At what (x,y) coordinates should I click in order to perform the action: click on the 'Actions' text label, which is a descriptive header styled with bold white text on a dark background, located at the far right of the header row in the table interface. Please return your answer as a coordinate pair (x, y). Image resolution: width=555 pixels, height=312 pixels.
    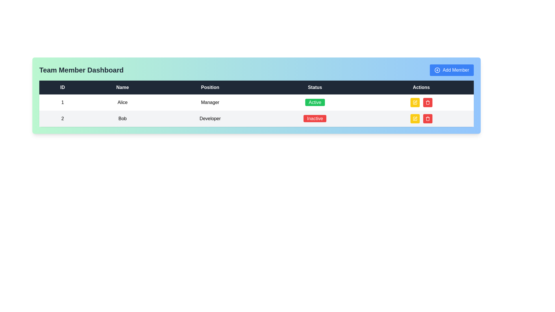
    Looking at the image, I should click on (421, 88).